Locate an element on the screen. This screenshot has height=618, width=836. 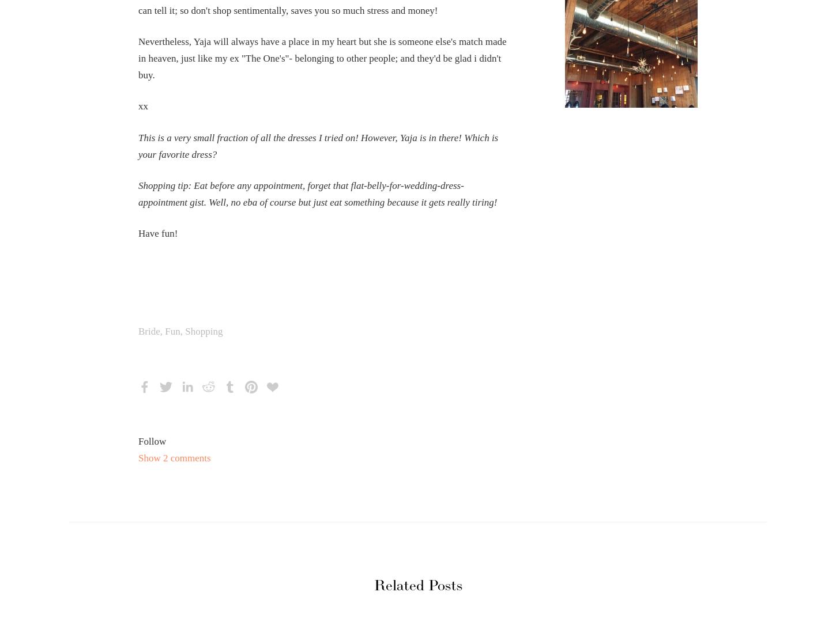
'Related Posts' is located at coordinates (417, 586).